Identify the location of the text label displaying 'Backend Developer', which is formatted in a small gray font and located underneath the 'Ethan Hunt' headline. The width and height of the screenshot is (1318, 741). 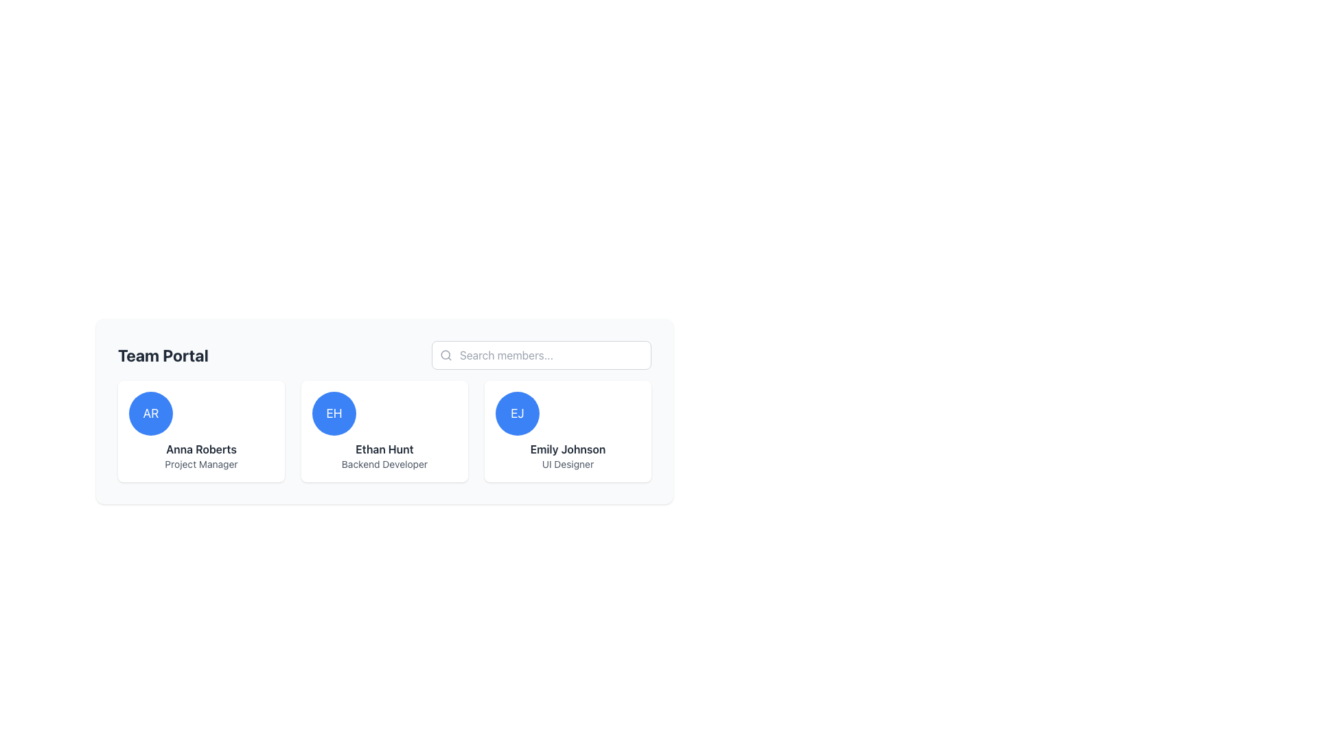
(384, 464).